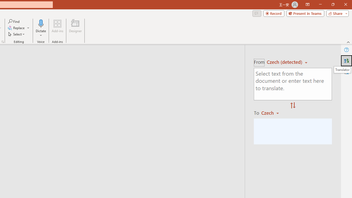 The image size is (352, 198). What do you see at coordinates (285, 62) in the screenshot?
I see `'Czech (detected)'` at bounding box center [285, 62].